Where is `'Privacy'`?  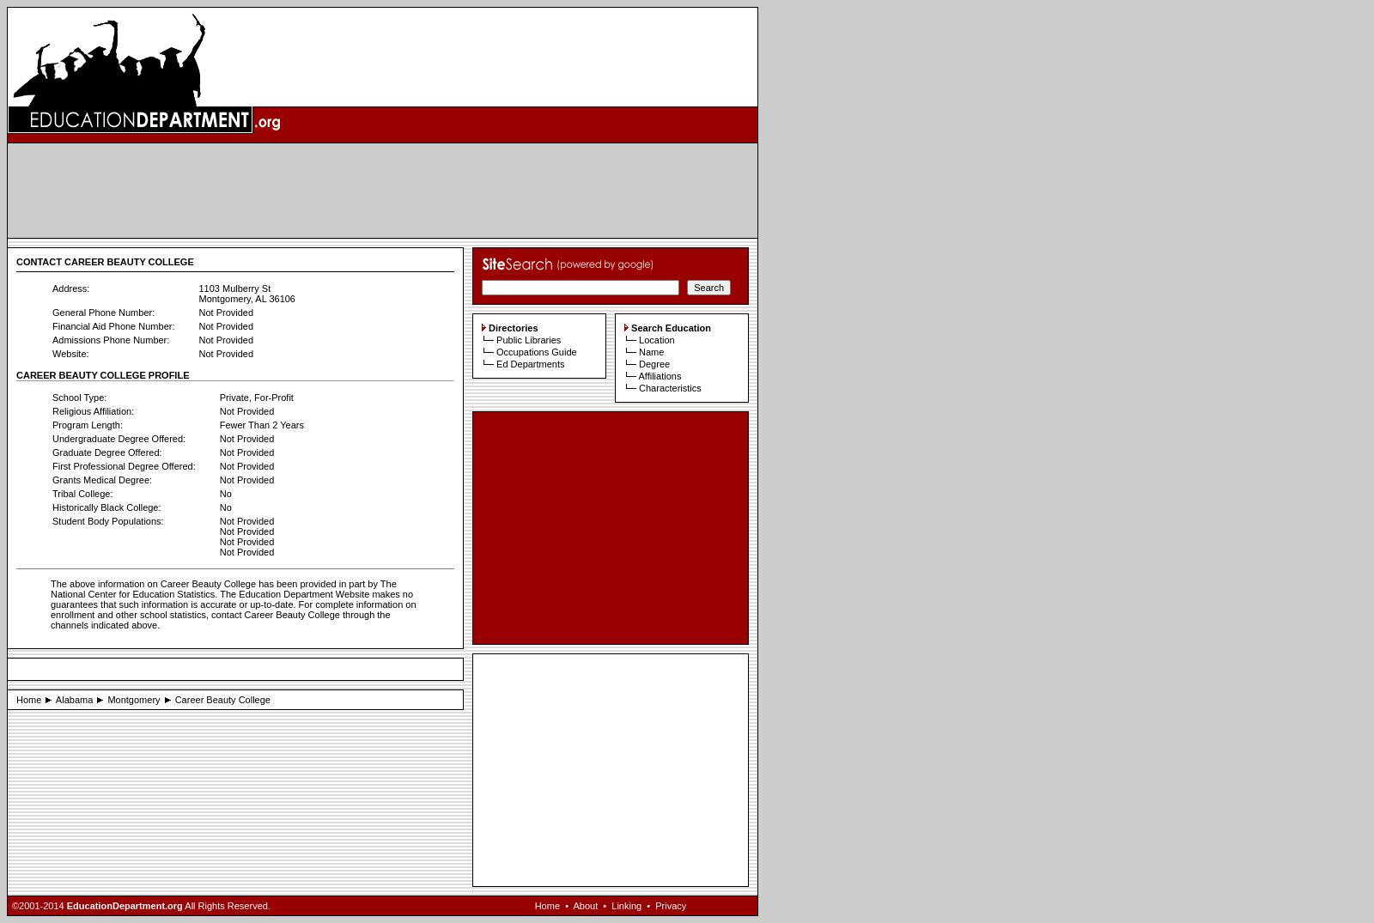 'Privacy' is located at coordinates (670, 906).